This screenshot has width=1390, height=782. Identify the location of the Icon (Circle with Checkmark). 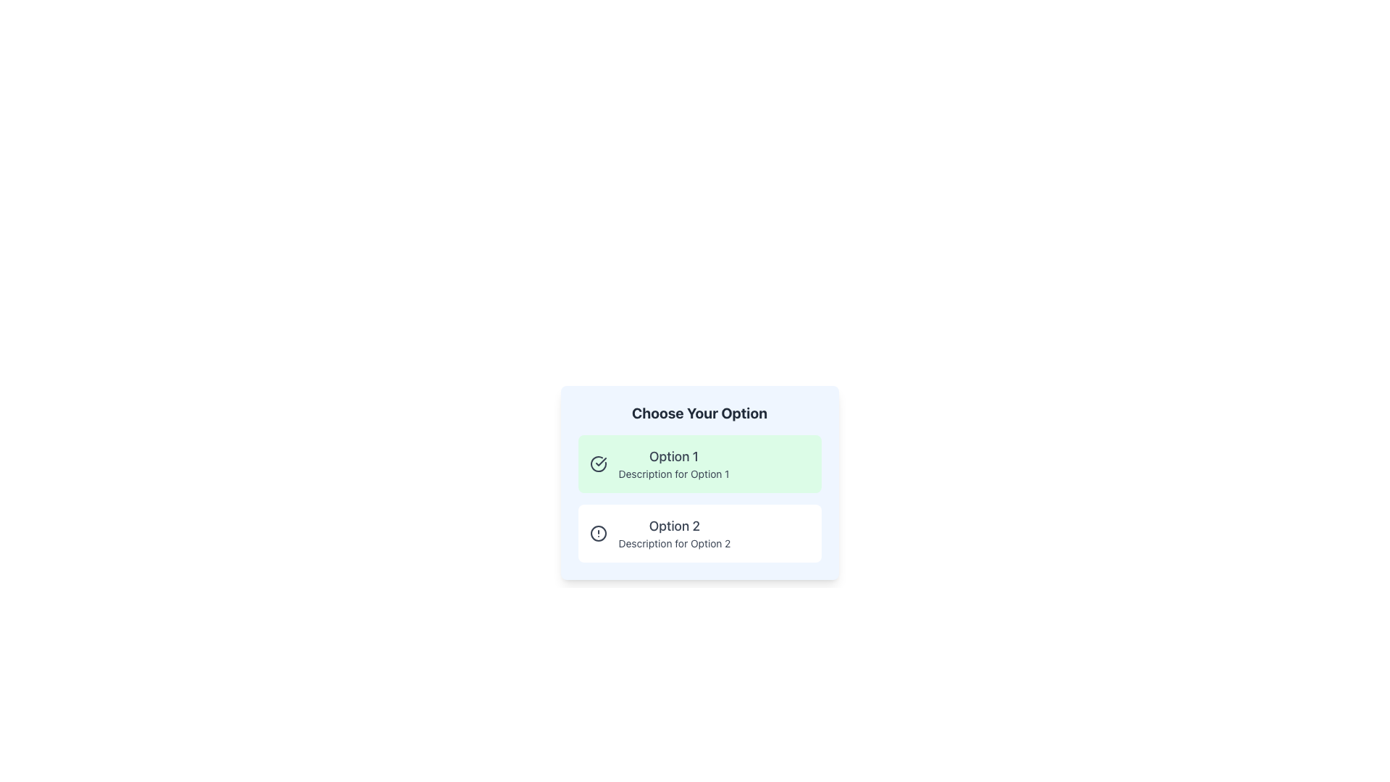
(598, 463).